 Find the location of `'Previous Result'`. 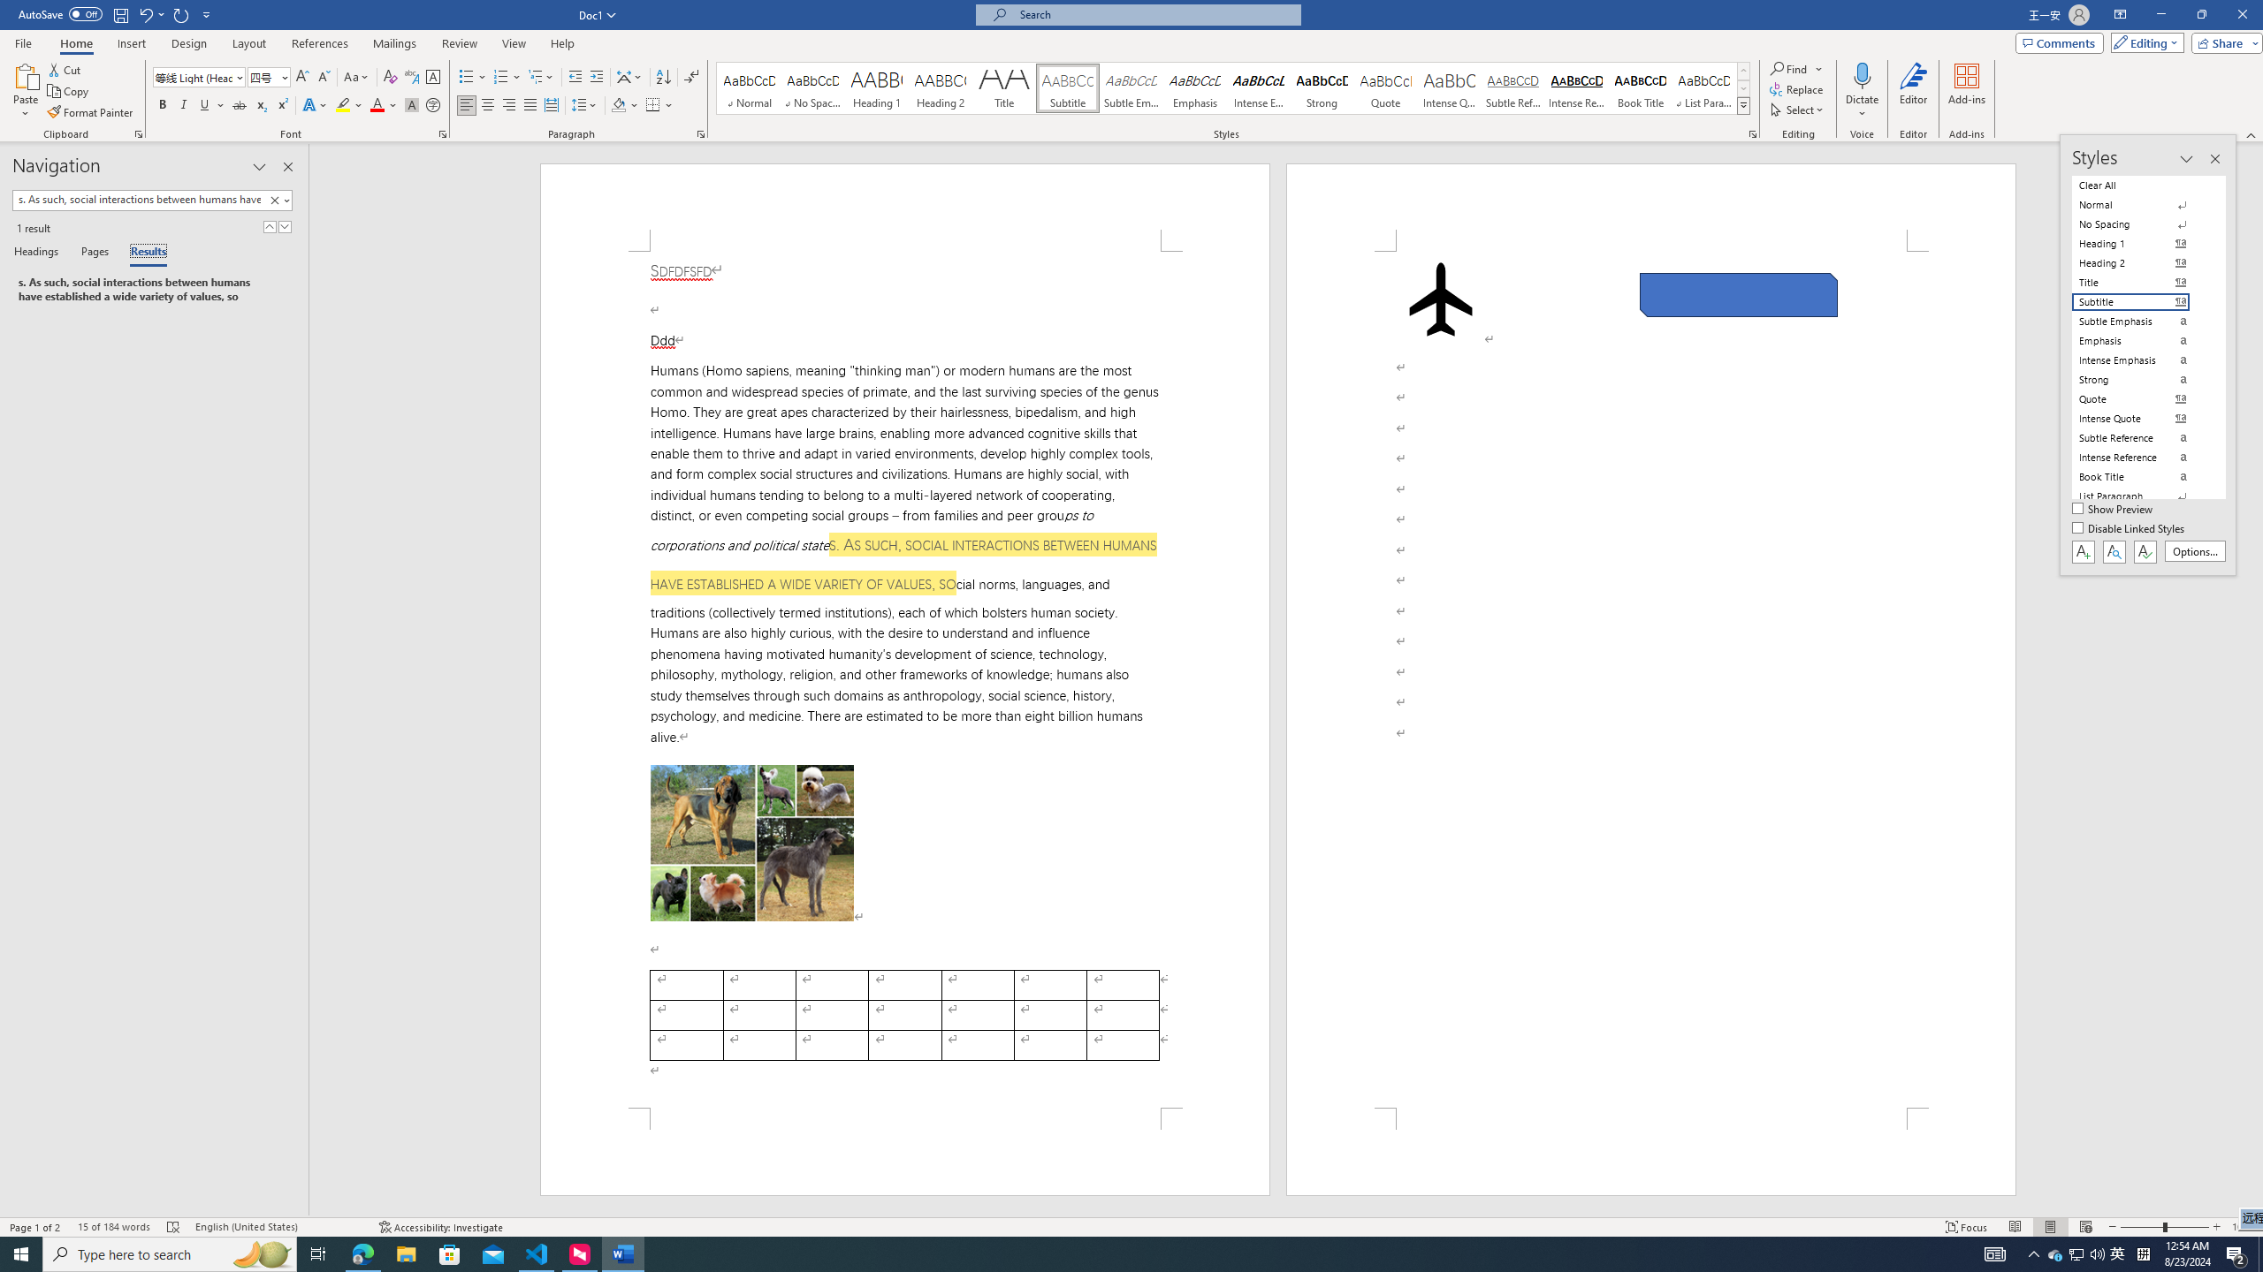

'Previous Result' is located at coordinates (270, 226).